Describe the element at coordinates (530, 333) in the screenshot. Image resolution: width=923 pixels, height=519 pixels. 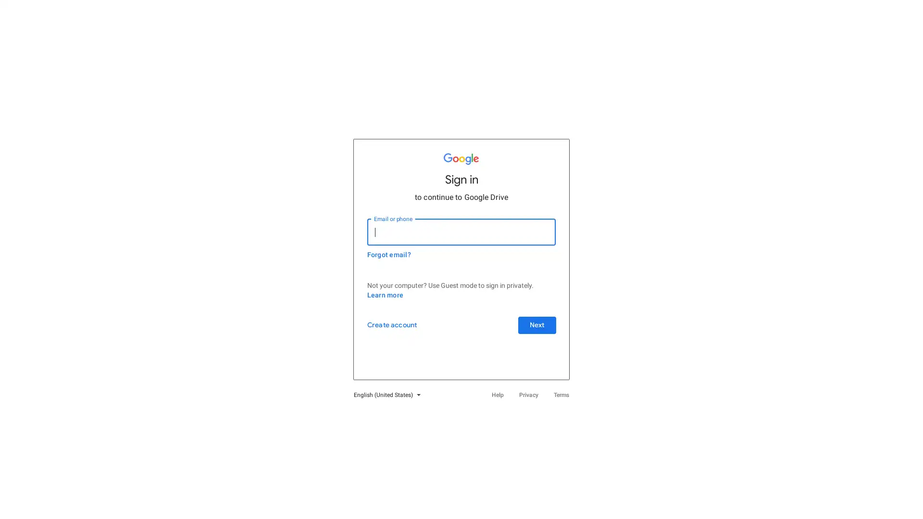
I see `Next` at that location.